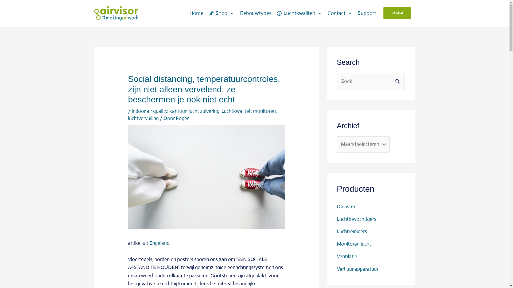 This screenshot has width=513, height=288. Describe the element at coordinates (399, 79) in the screenshot. I see `'Zoeken'` at that location.